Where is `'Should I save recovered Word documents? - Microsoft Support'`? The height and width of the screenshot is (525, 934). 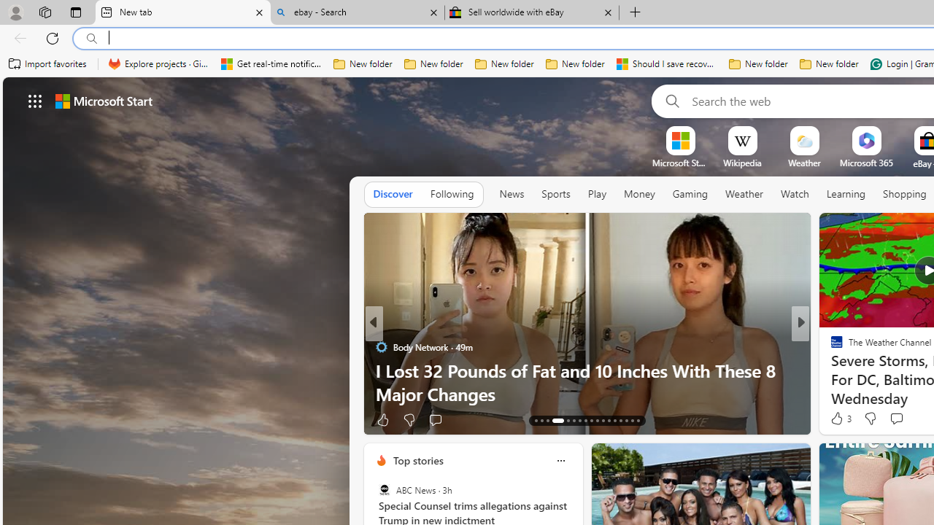
'Should I save recovered Word documents? - Microsoft Support' is located at coordinates (665, 63).